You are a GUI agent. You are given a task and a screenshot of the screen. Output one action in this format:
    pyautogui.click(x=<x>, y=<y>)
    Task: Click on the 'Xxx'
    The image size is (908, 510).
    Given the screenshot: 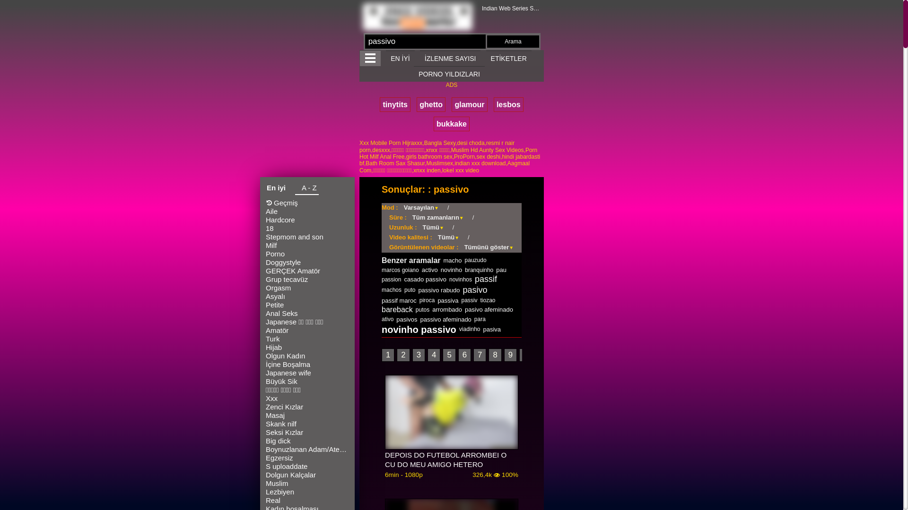 What is the action you would take?
    pyautogui.click(x=307, y=399)
    